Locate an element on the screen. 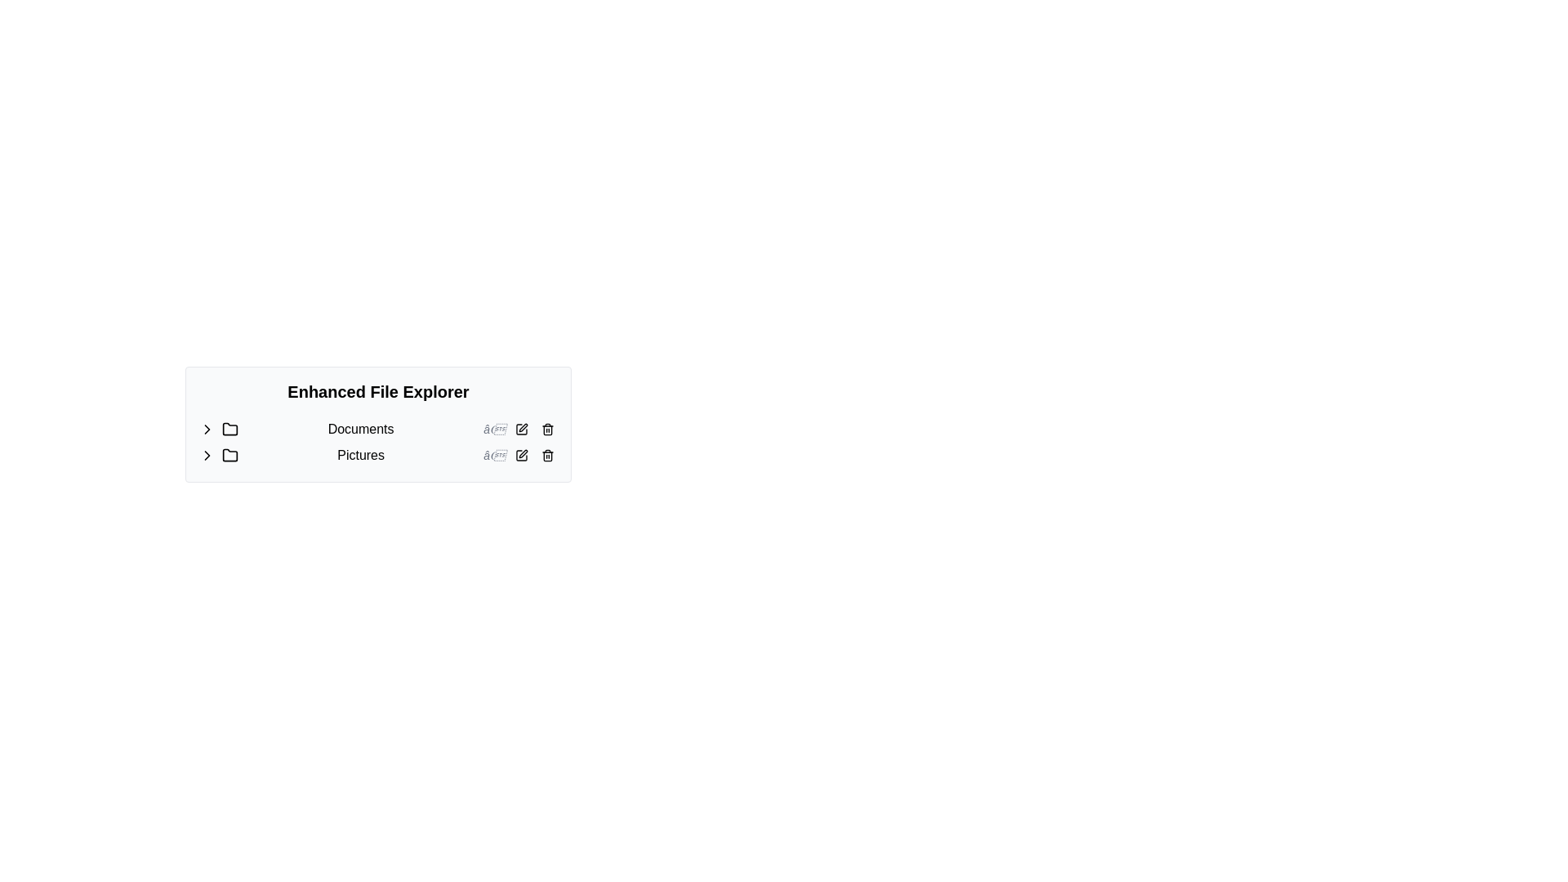 Image resolution: width=1568 pixels, height=882 pixels. the 'Pictures' folder row is located at coordinates (377, 456).